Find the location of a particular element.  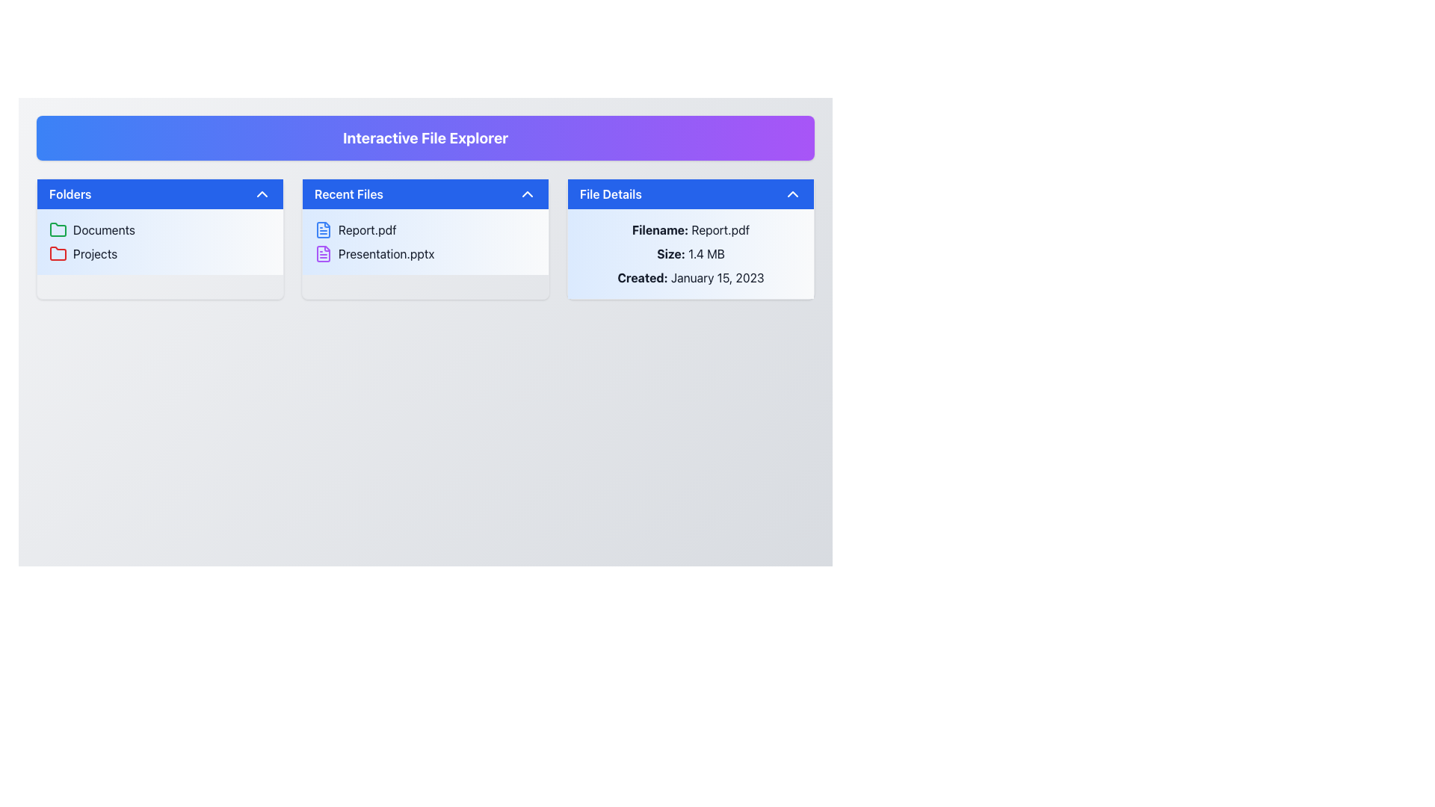

the presentation document icon located in the 'Recent Files' section, which visually represents the file type for 'Presentation.pptx' is located at coordinates (322, 253).